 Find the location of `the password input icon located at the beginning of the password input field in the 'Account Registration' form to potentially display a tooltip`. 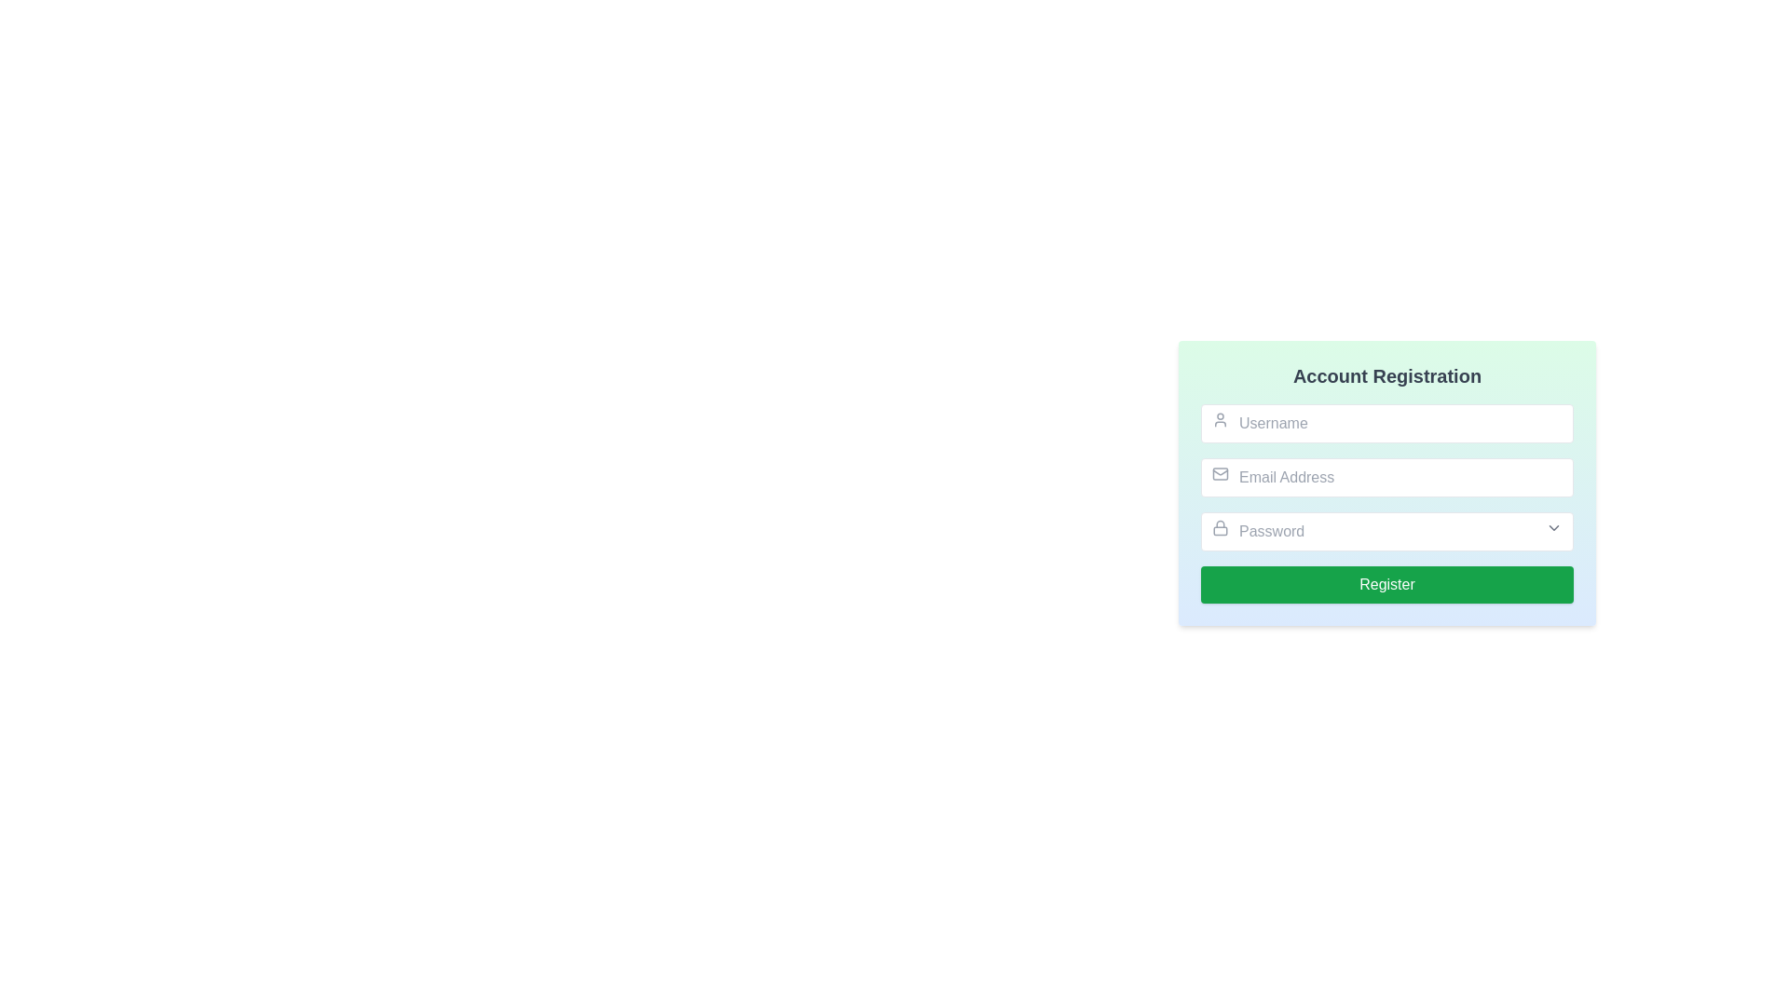

the password input icon located at the beginning of the password input field in the 'Account Registration' form to potentially display a tooltip is located at coordinates (1221, 528).